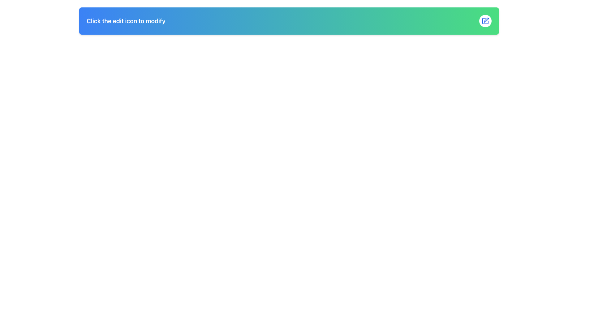  What do you see at coordinates (485, 21) in the screenshot?
I see `on the blue stroke pen icon within the circular button located in the upper right-hand corner of the interface` at bounding box center [485, 21].